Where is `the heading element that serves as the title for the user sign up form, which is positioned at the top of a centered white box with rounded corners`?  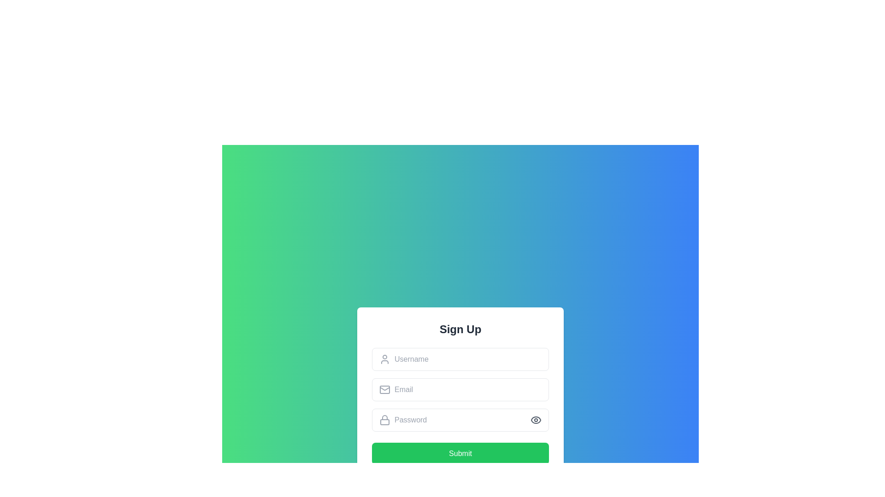 the heading element that serves as the title for the user sign up form, which is positioned at the top of a centered white box with rounded corners is located at coordinates (460, 329).